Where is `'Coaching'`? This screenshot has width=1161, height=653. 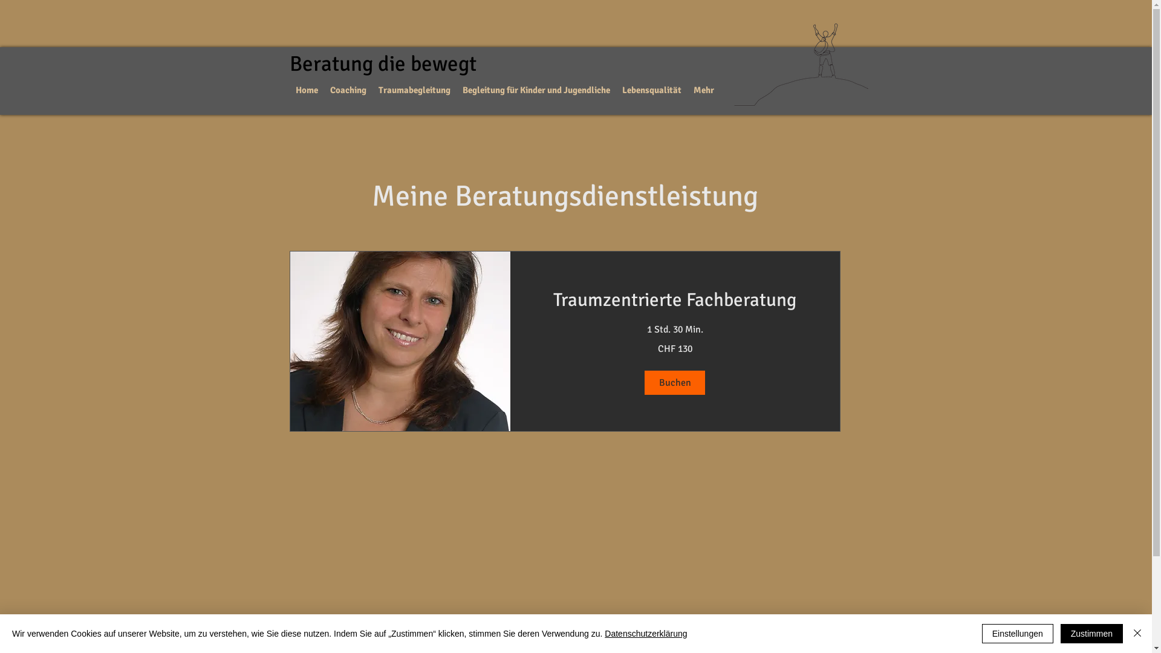 'Coaching' is located at coordinates (348, 89).